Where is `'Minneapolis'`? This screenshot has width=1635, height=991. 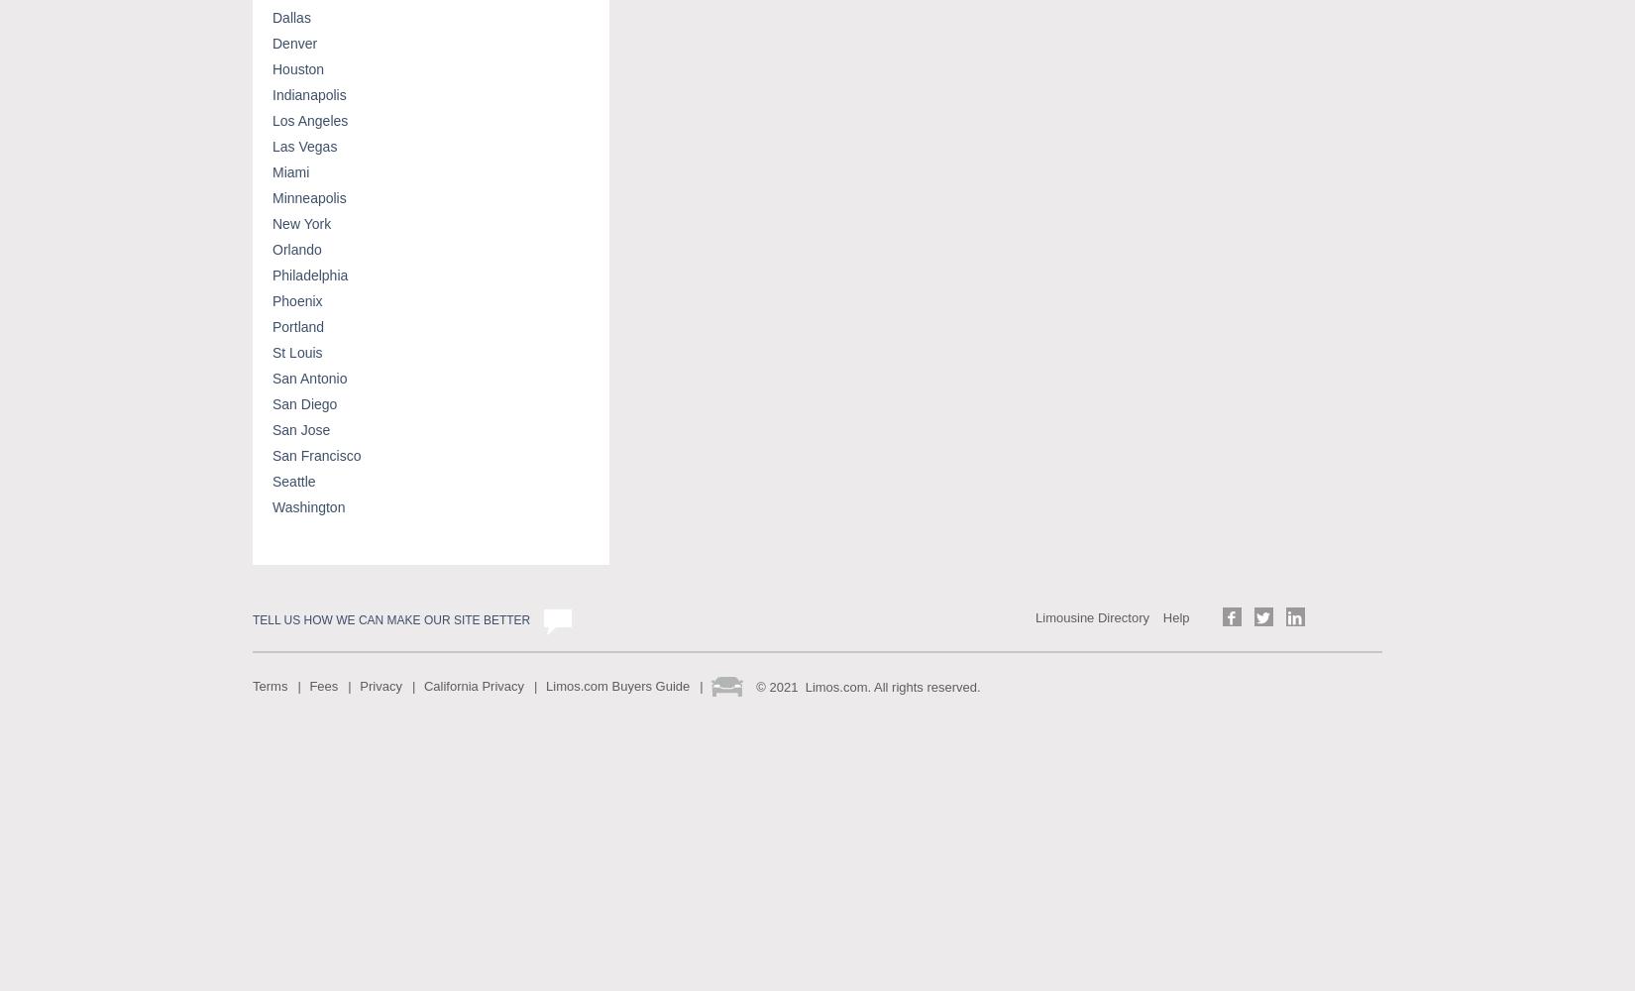
'Minneapolis' is located at coordinates (272, 196).